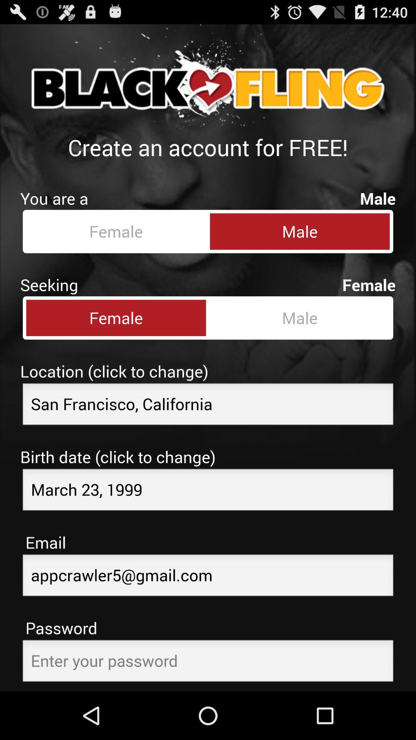 The image size is (416, 740). I want to click on birthdate, so click(208, 491).